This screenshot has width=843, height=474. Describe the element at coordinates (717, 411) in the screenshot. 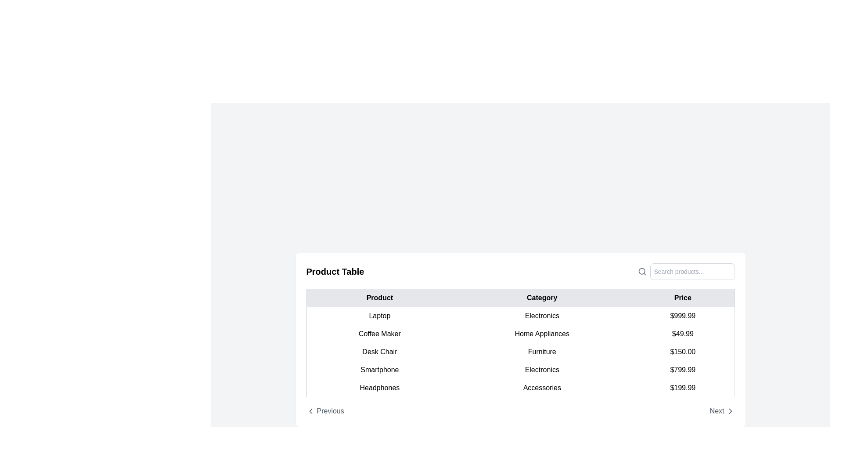

I see `the 'Next' text label located at the bottom-right of the content area` at that location.